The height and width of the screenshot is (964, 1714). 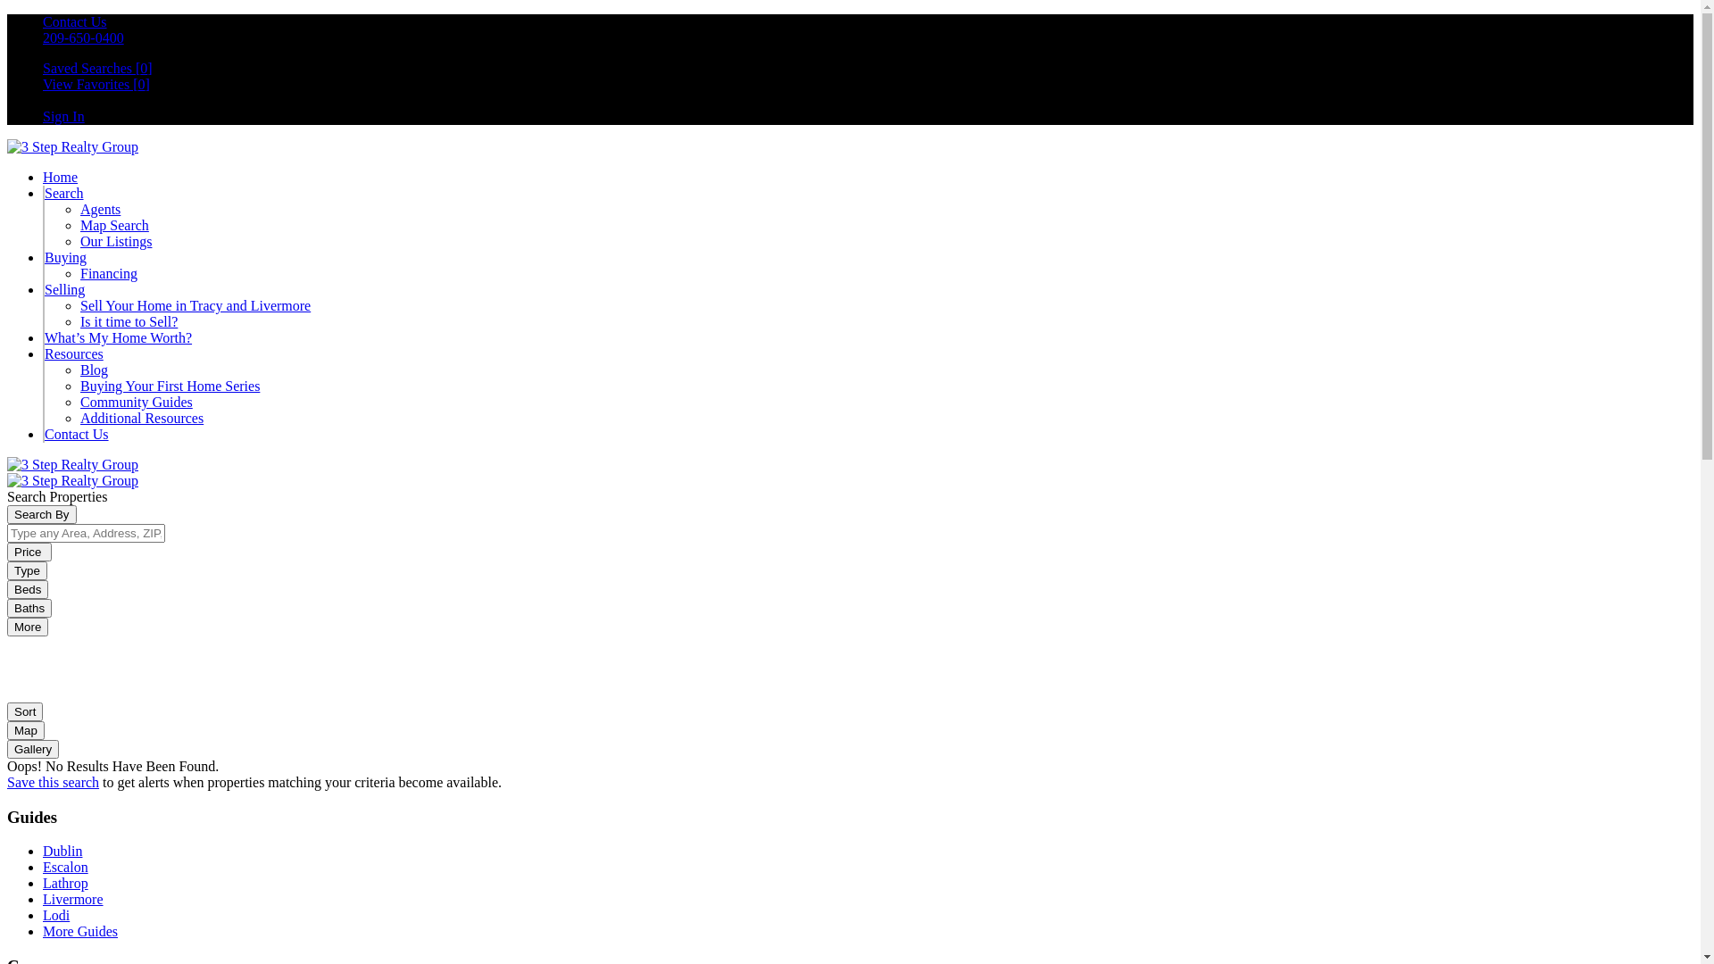 I want to click on 'Home', so click(x=60, y=177).